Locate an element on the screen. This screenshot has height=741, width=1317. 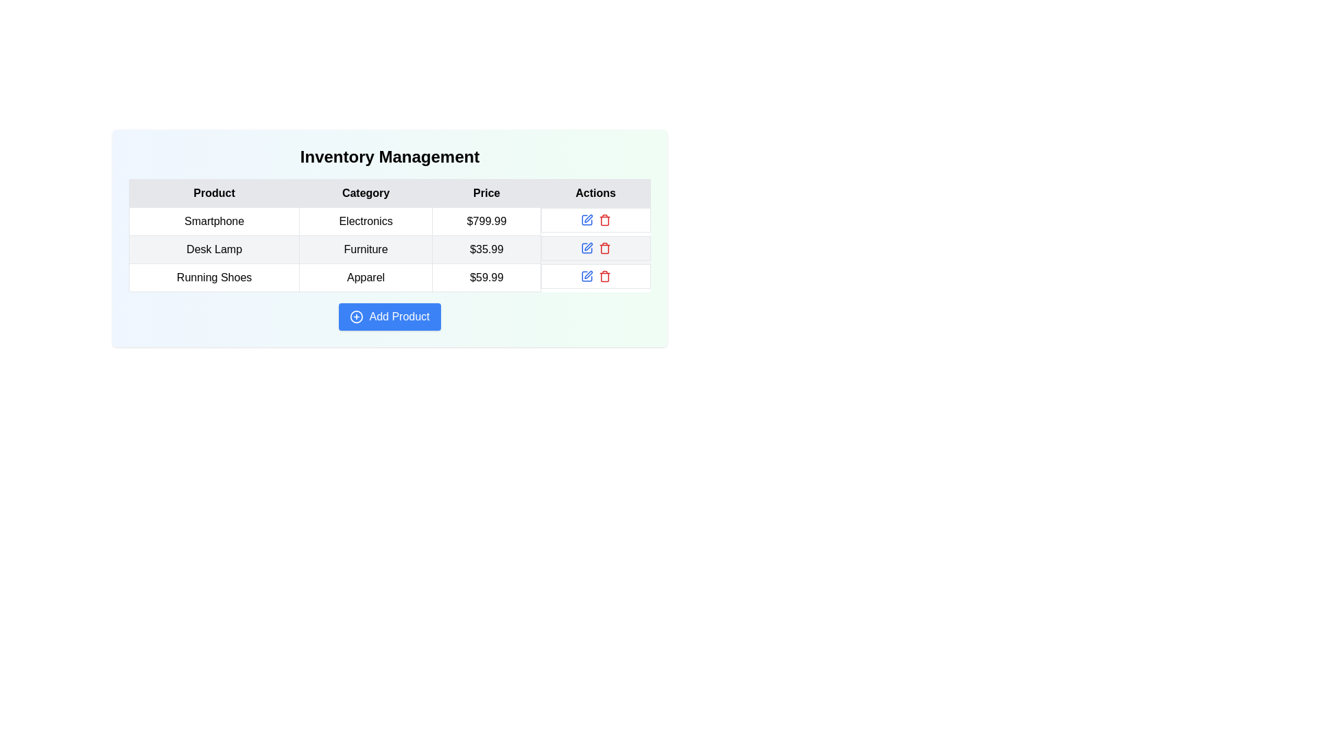
the first icon in the 'Actions' column of the table is located at coordinates (586, 219).